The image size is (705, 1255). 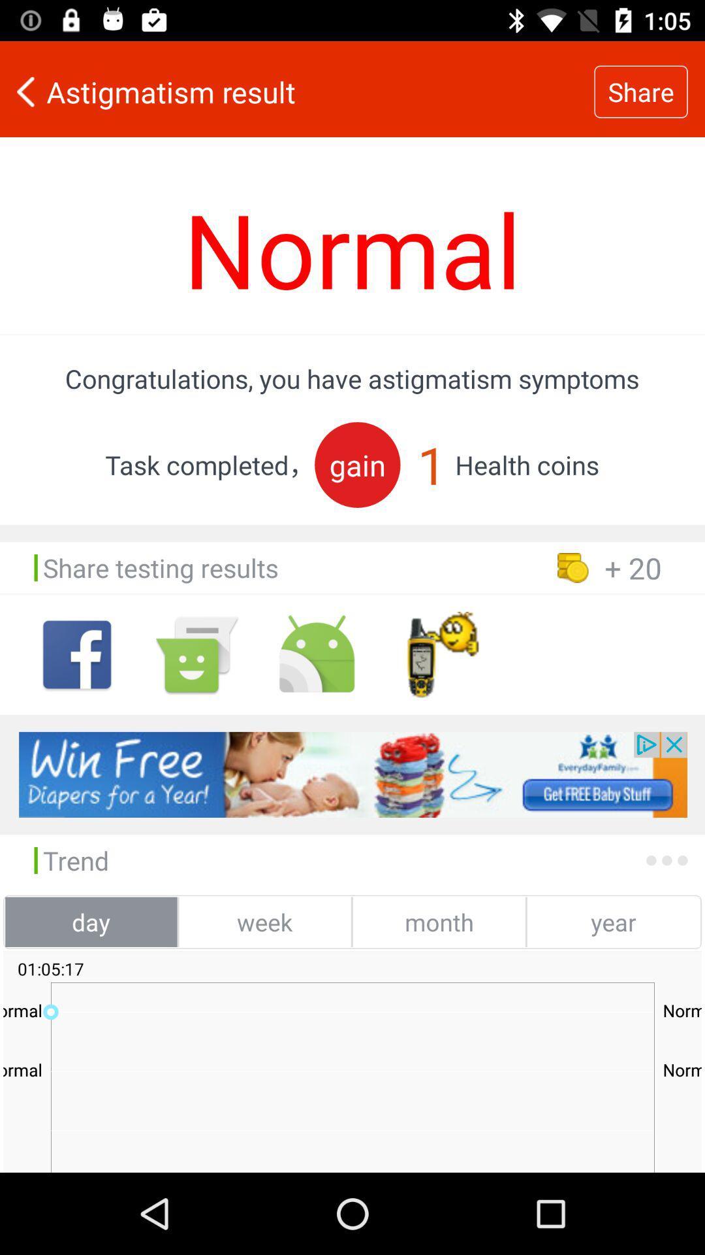 I want to click on day item, so click(x=90, y=921).